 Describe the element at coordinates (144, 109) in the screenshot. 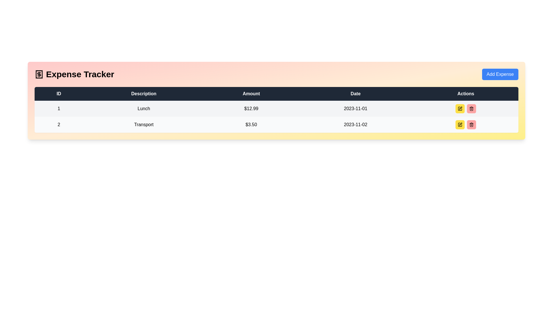

I see `the text label displaying 'Lunch' in the 'Description' column of the first row within the table` at that location.